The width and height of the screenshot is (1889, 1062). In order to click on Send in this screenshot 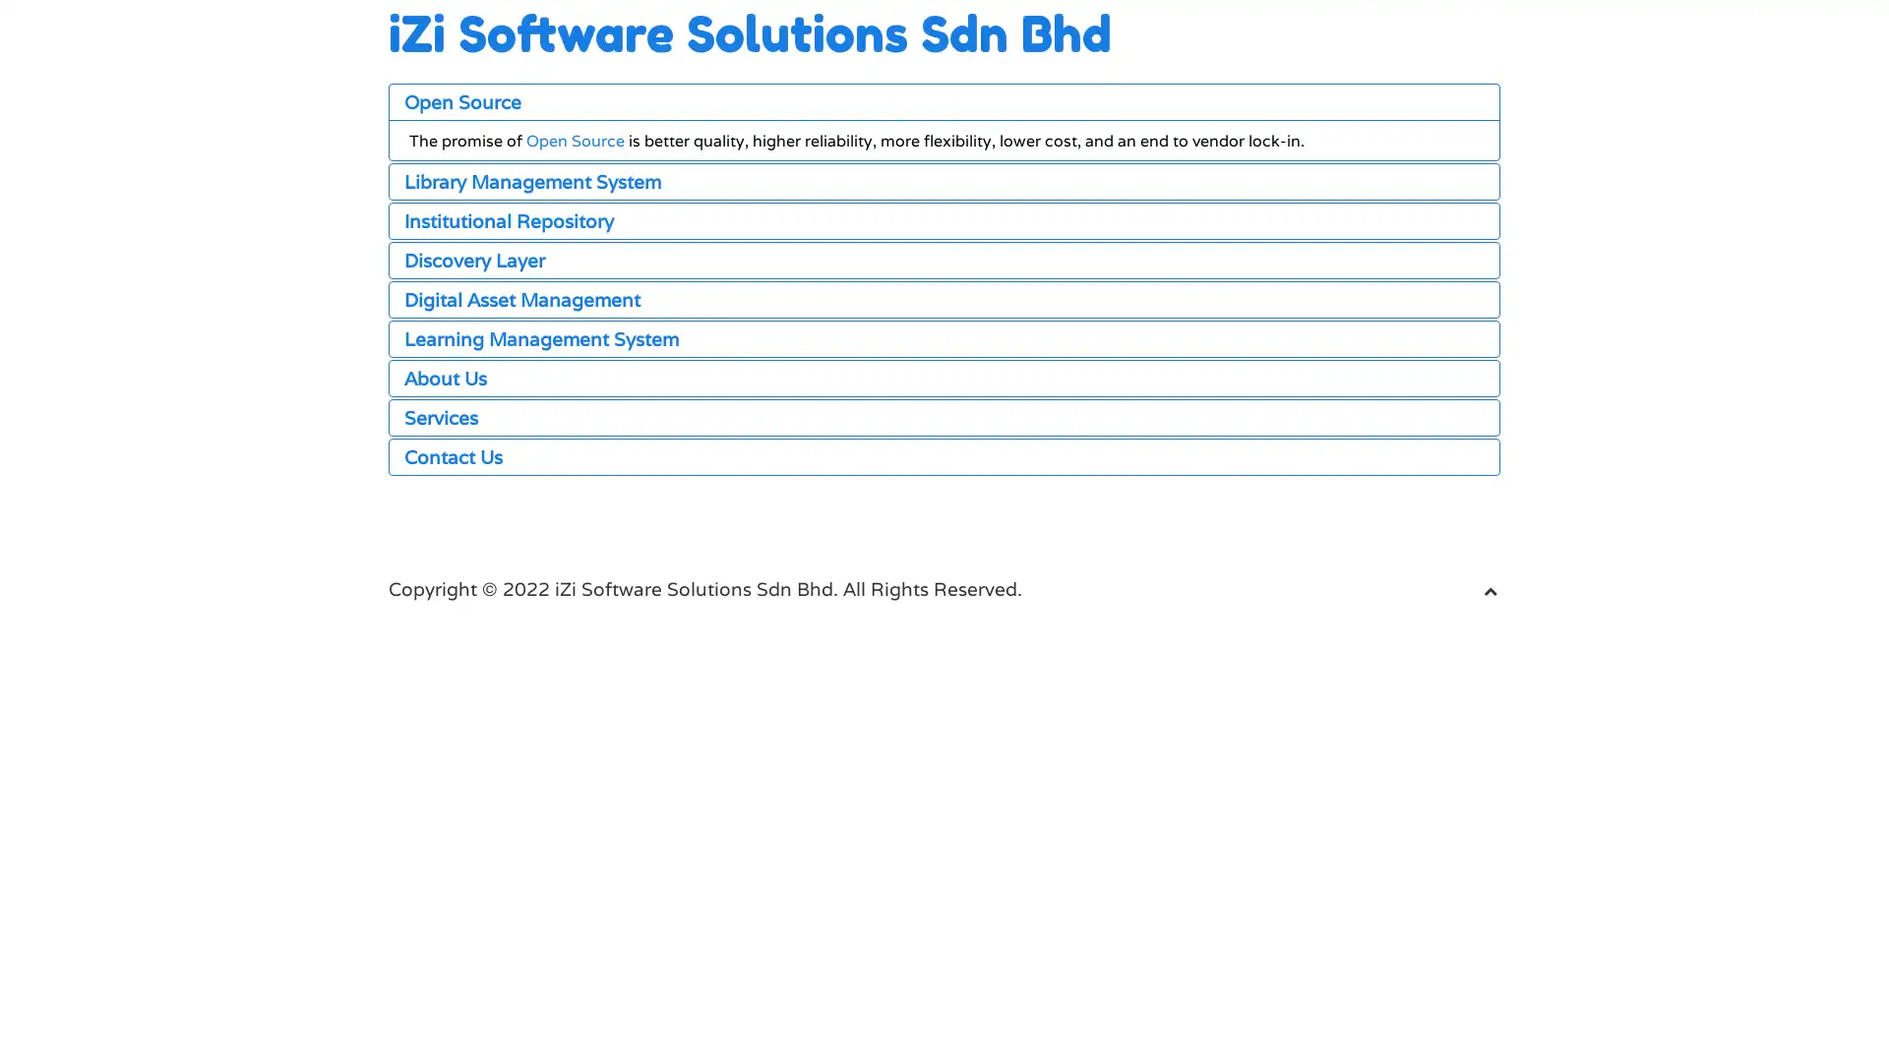, I will do `click(481, 931)`.